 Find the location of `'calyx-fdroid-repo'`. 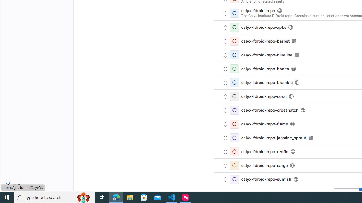

'calyx-fdroid-repo' is located at coordinates (258, 11).